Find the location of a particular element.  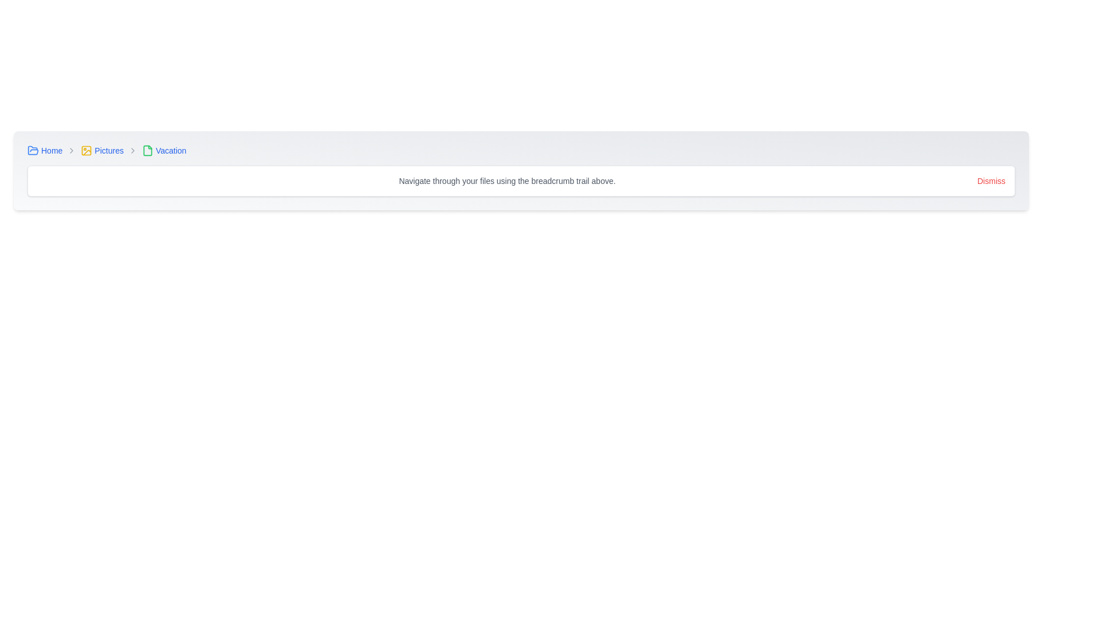

the static text label that contains the message 'Navigate through your files using the breadcrumb trail above.', which is displayed in light gray font within a white rounded box is located at coordinates (506, 181).